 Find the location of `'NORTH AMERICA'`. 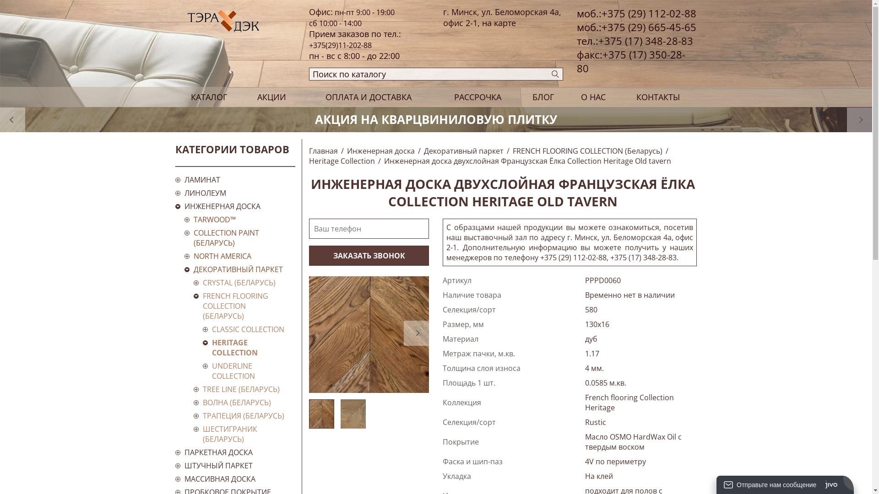

'NORTH AMERICA' is located at coordinates (239, 256).